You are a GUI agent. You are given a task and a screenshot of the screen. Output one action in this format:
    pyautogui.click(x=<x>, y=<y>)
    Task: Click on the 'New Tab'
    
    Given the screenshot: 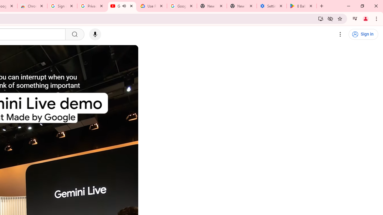 What is the action you would take?
    pyautogui.click(x=241, y=6)
    